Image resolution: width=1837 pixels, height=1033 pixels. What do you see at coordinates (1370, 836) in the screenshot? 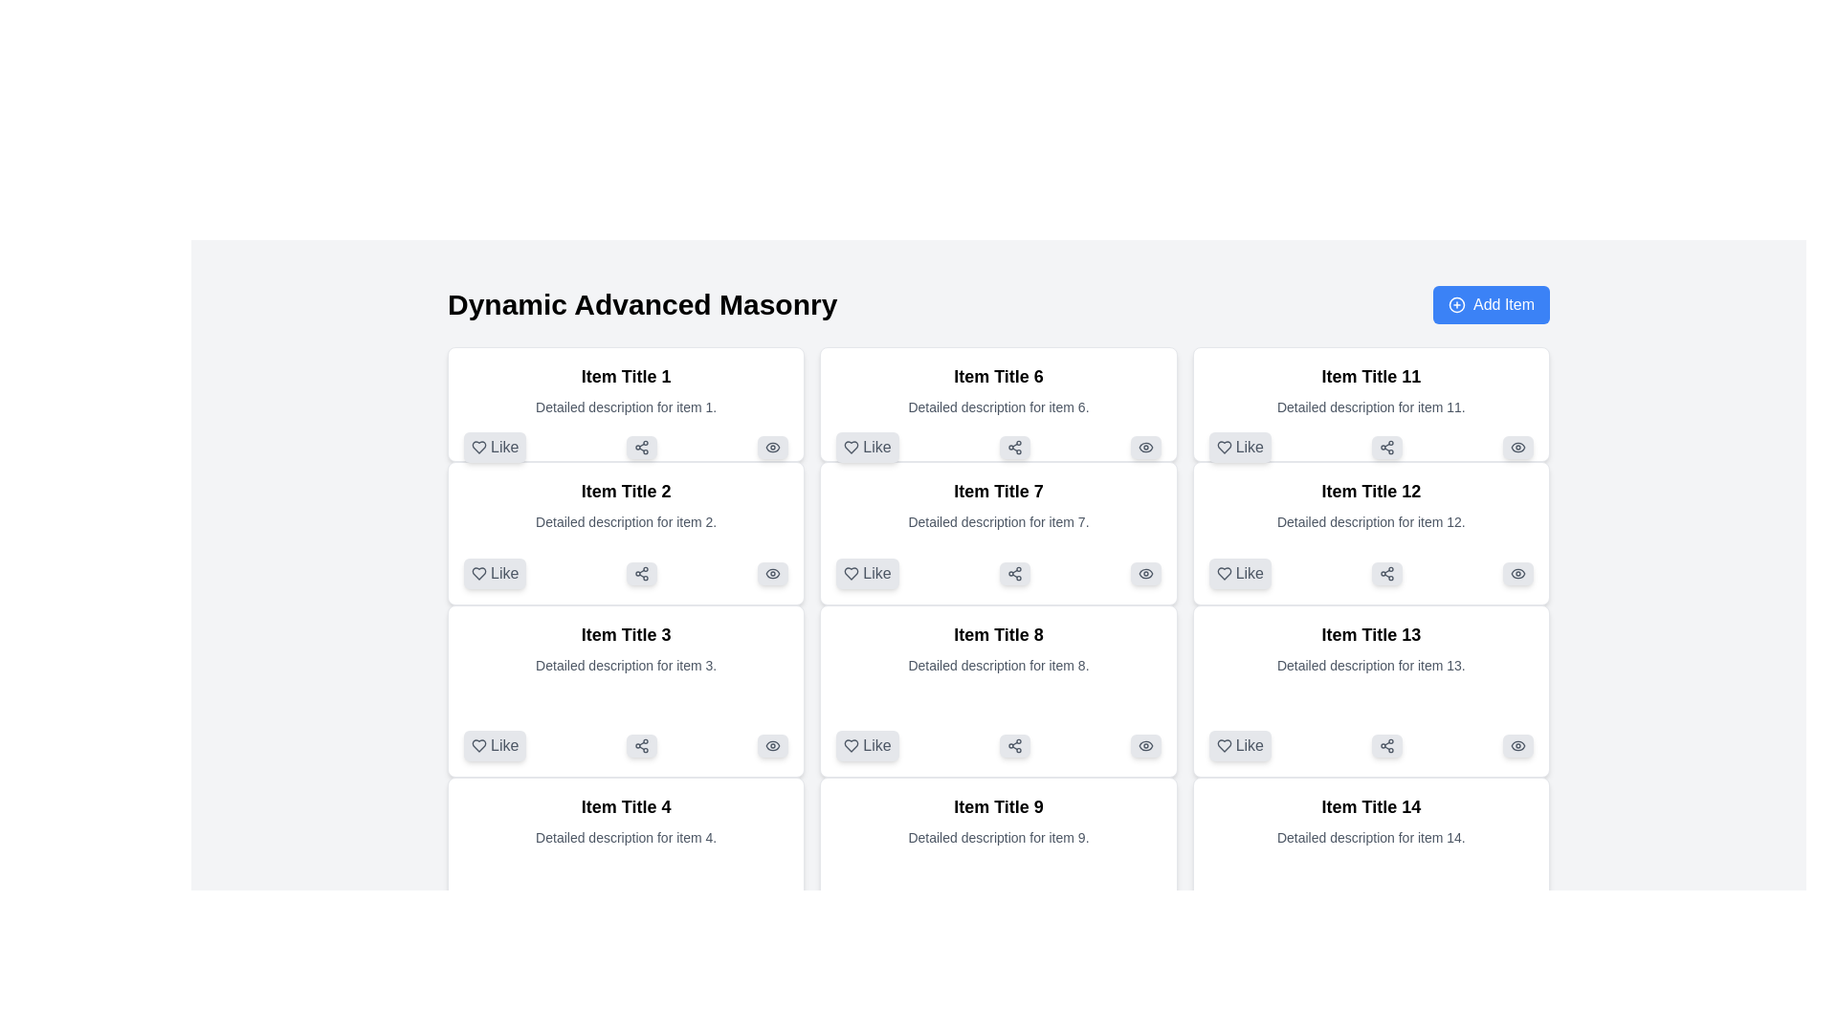
I see `text label located beneath 'Item Title 14' in the bottom-right card of the grid layout` at bounding box center [1370, 836].